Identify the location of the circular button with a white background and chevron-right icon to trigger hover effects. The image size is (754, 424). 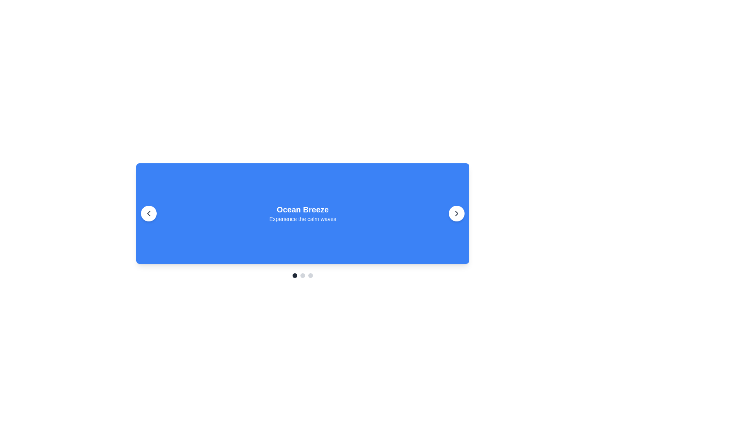
(456, 213).